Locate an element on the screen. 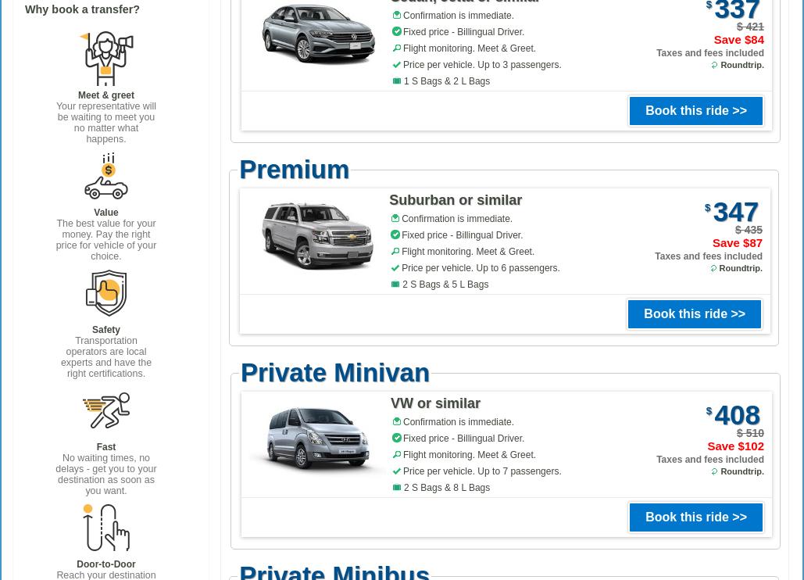 This screenshot has width=804, height=580. 'Value' is located at coordinates (105, 212).